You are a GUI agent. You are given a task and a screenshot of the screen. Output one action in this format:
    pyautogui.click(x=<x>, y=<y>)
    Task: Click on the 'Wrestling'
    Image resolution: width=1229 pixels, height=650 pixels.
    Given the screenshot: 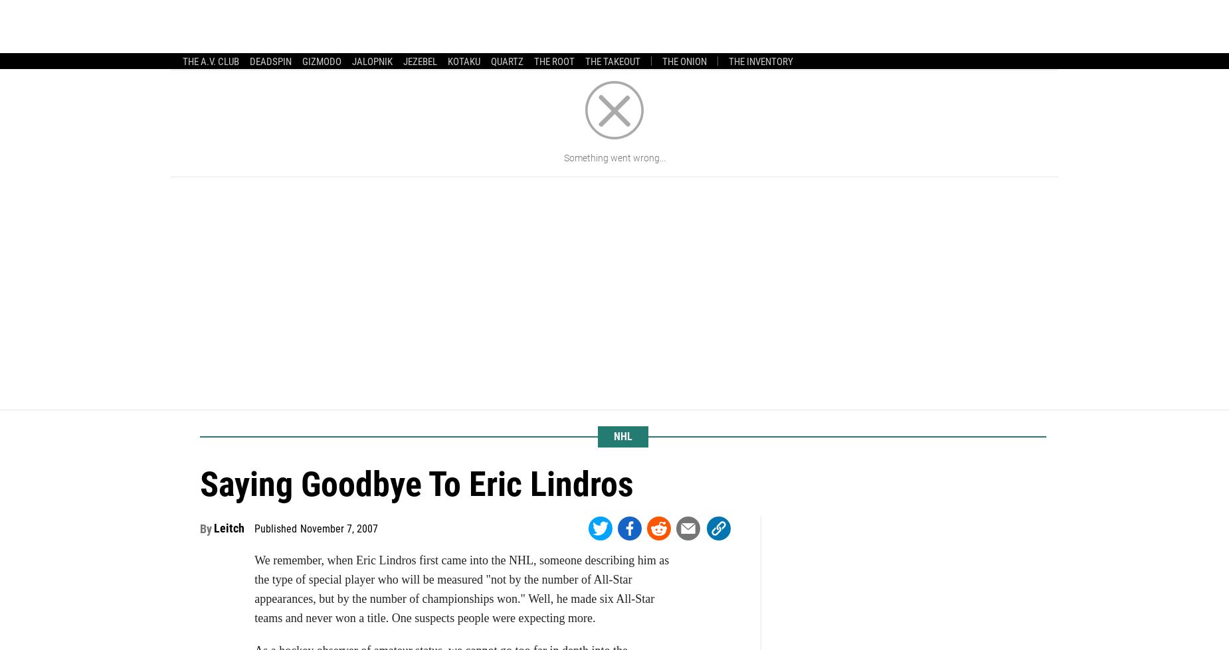 What is the action you would take?
    pyautogui.click(x=478, y=37)
    